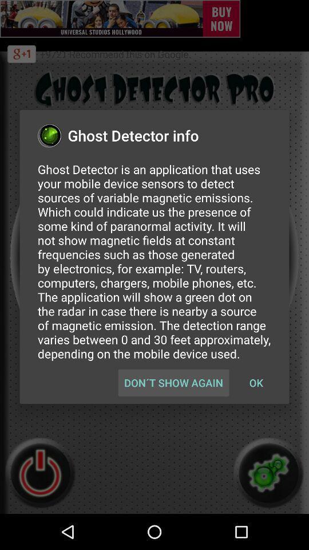  I want to click on the item at the bottom, so click(173, 383).